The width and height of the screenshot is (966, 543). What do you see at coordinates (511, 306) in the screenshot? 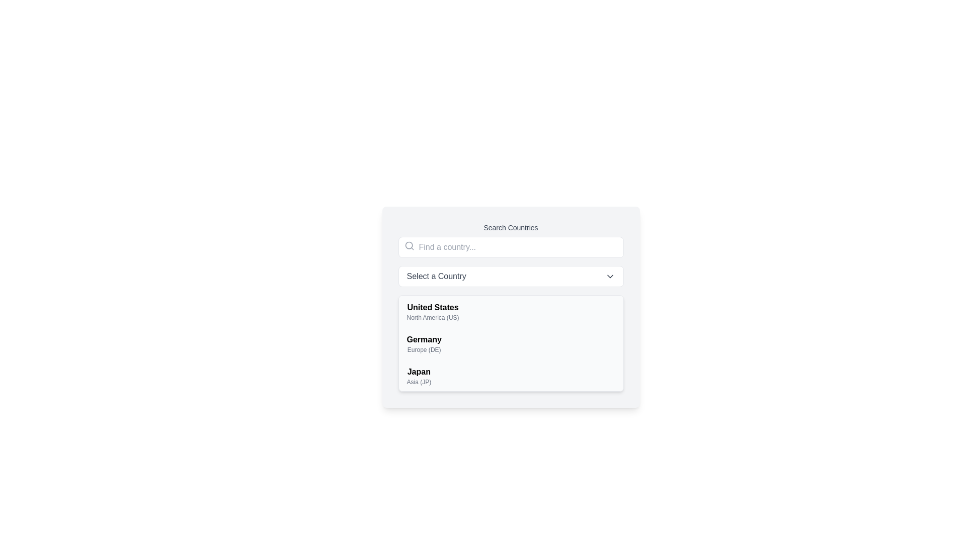
I see `a country entry in the dropdown menu labeled 'Search Countries'` at bounding box center [511, 306].